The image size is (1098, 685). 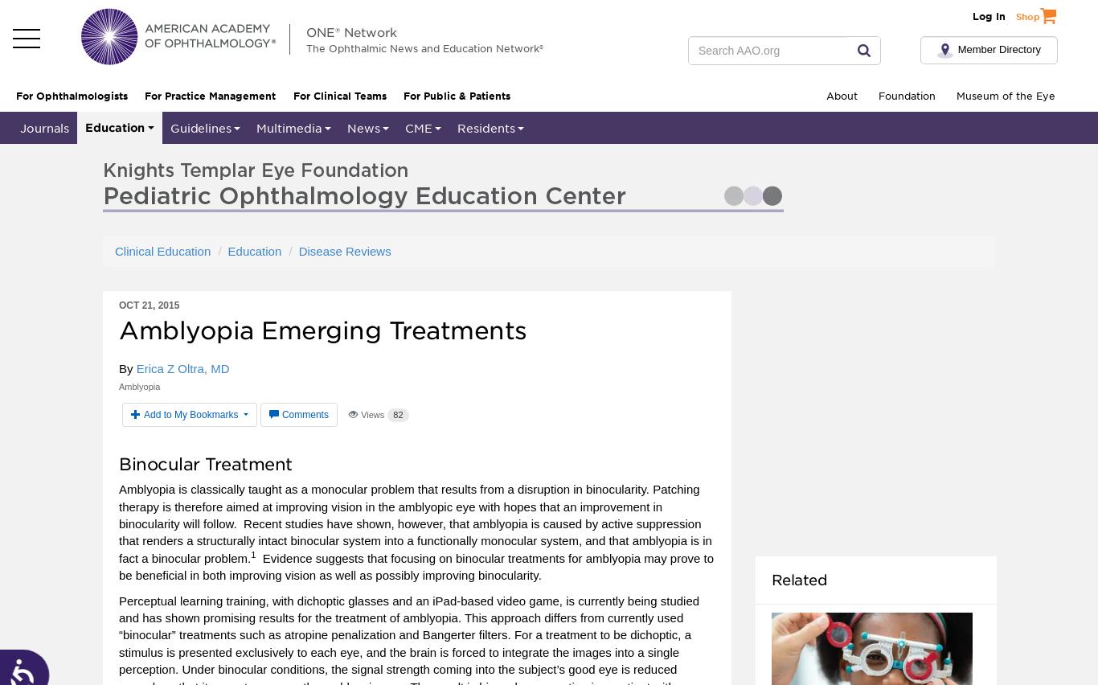 I want to click on '82', so click(x=393, y=413).